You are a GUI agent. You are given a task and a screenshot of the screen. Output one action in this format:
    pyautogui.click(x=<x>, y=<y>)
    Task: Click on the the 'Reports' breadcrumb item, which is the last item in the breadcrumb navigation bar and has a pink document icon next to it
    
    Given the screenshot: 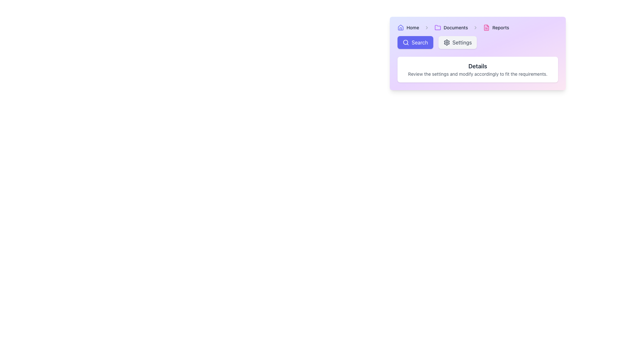 What is the action you would take?
    pyautogui.click(x=496, y=27)
    